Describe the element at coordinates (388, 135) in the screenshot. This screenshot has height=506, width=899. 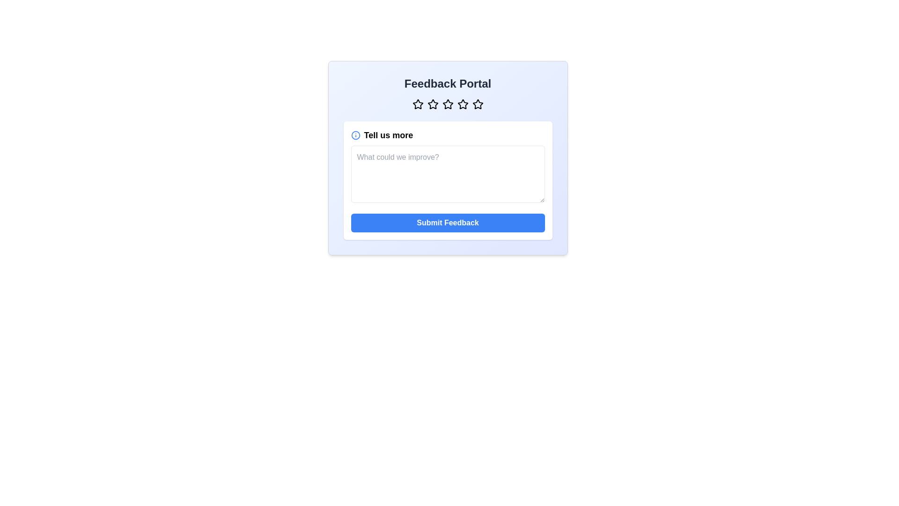
I see `text label displaying 'Tell us more' which is positioned to the right of an information icon in a feedback form layout` at that location.